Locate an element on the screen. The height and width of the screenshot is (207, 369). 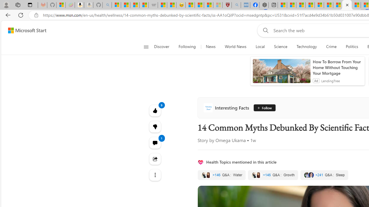
'View comments 1 Comment' is located at coordinates (155, 142).